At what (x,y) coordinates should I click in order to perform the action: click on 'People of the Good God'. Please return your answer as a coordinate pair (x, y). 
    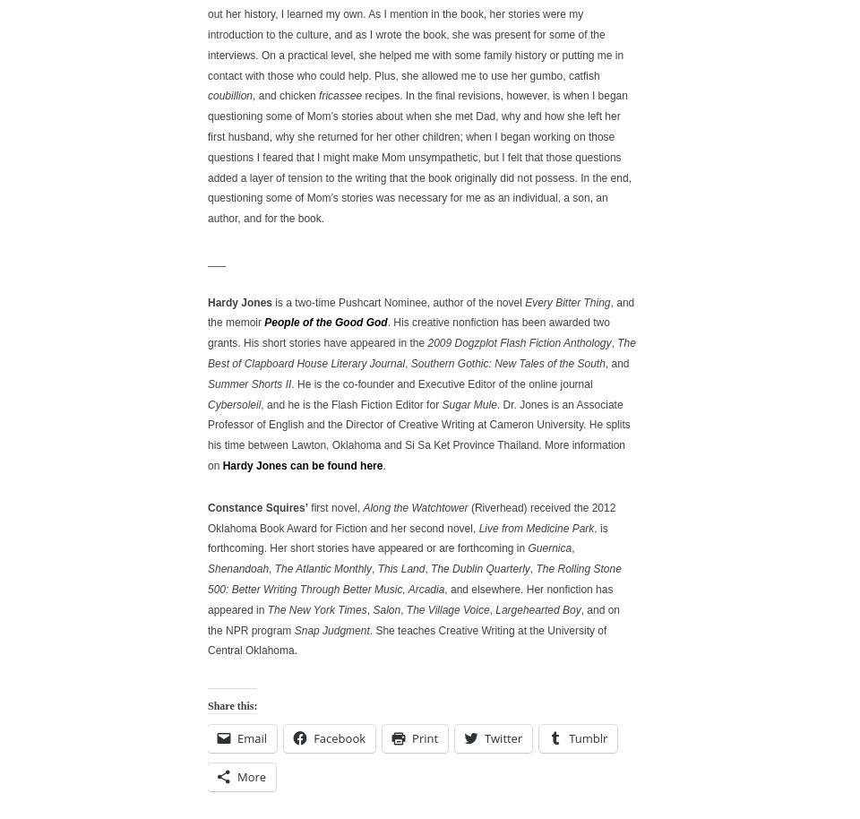
    Looking at the image, I should click on (324, 322).